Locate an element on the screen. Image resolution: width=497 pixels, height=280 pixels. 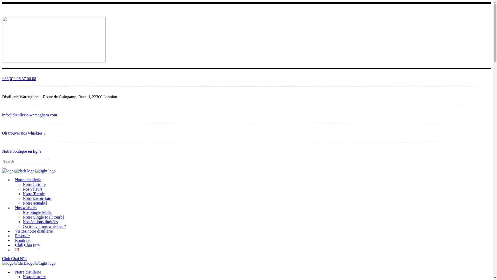
'Nos Single Malts' is located at coordinates (37, 212).